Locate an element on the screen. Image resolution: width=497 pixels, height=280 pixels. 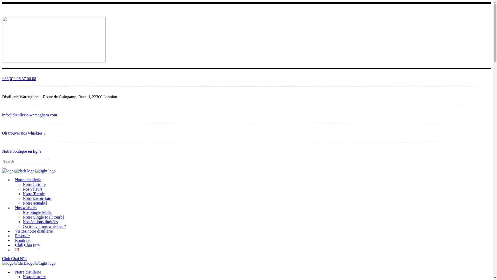
'Nos Single Malts' is located at coordinates (37, 212).